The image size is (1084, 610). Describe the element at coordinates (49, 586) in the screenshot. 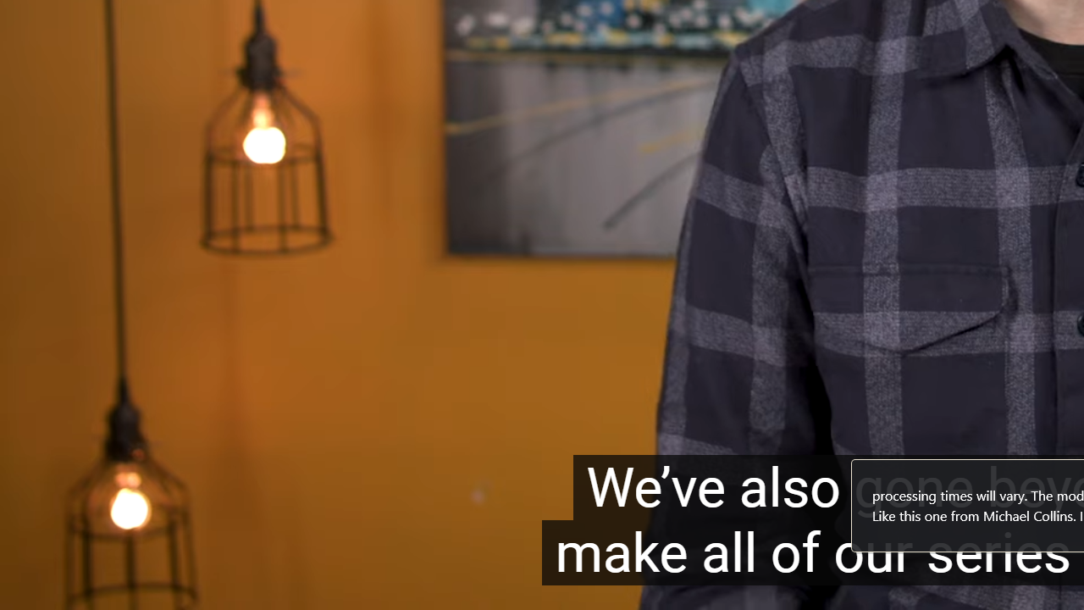

I see `'Pause (k)'` at that location.